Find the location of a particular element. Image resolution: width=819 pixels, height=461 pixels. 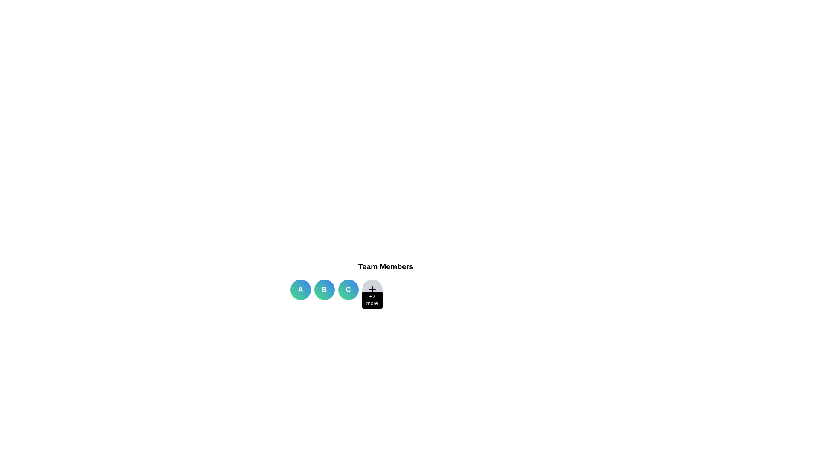

the third circle in the horizontal sequence under 'Team Members' is located at coordinates (348, 289).